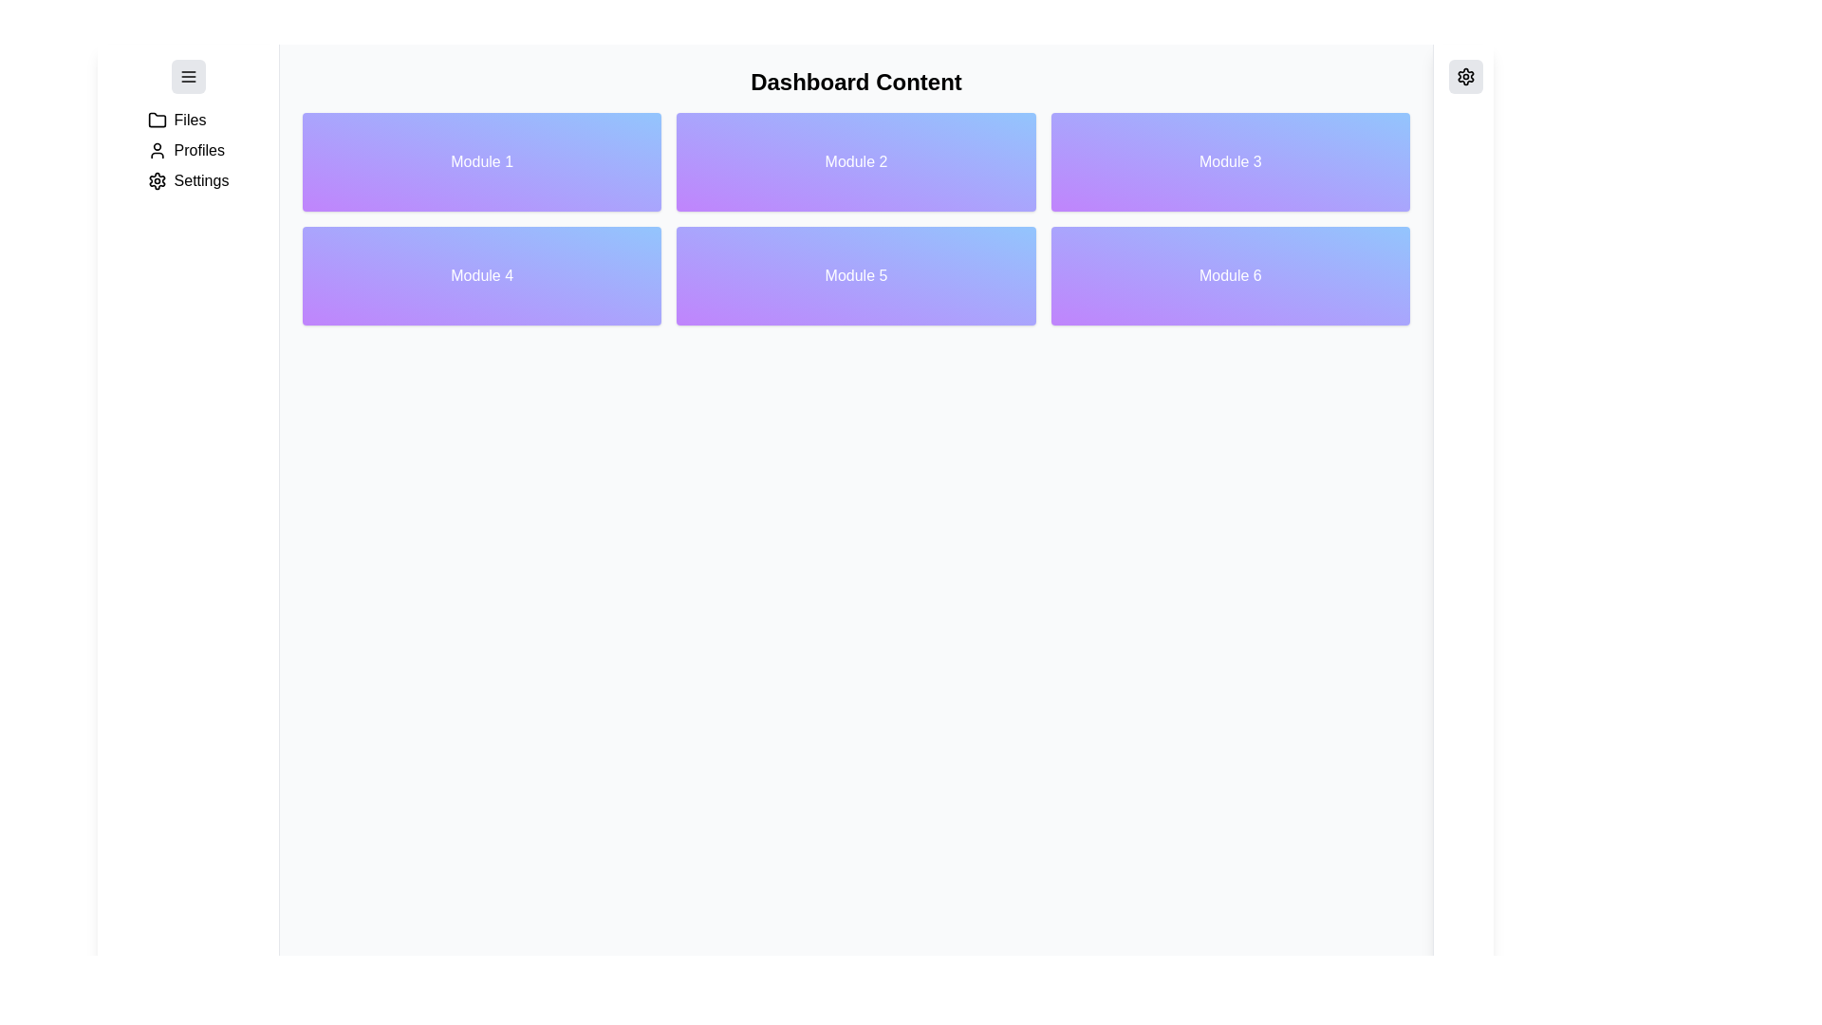 The image size is (1822, 1025). I want to click on the first interactive card labeled 'Module 1' located in the top-left corner of the grid, so click(482, 160).